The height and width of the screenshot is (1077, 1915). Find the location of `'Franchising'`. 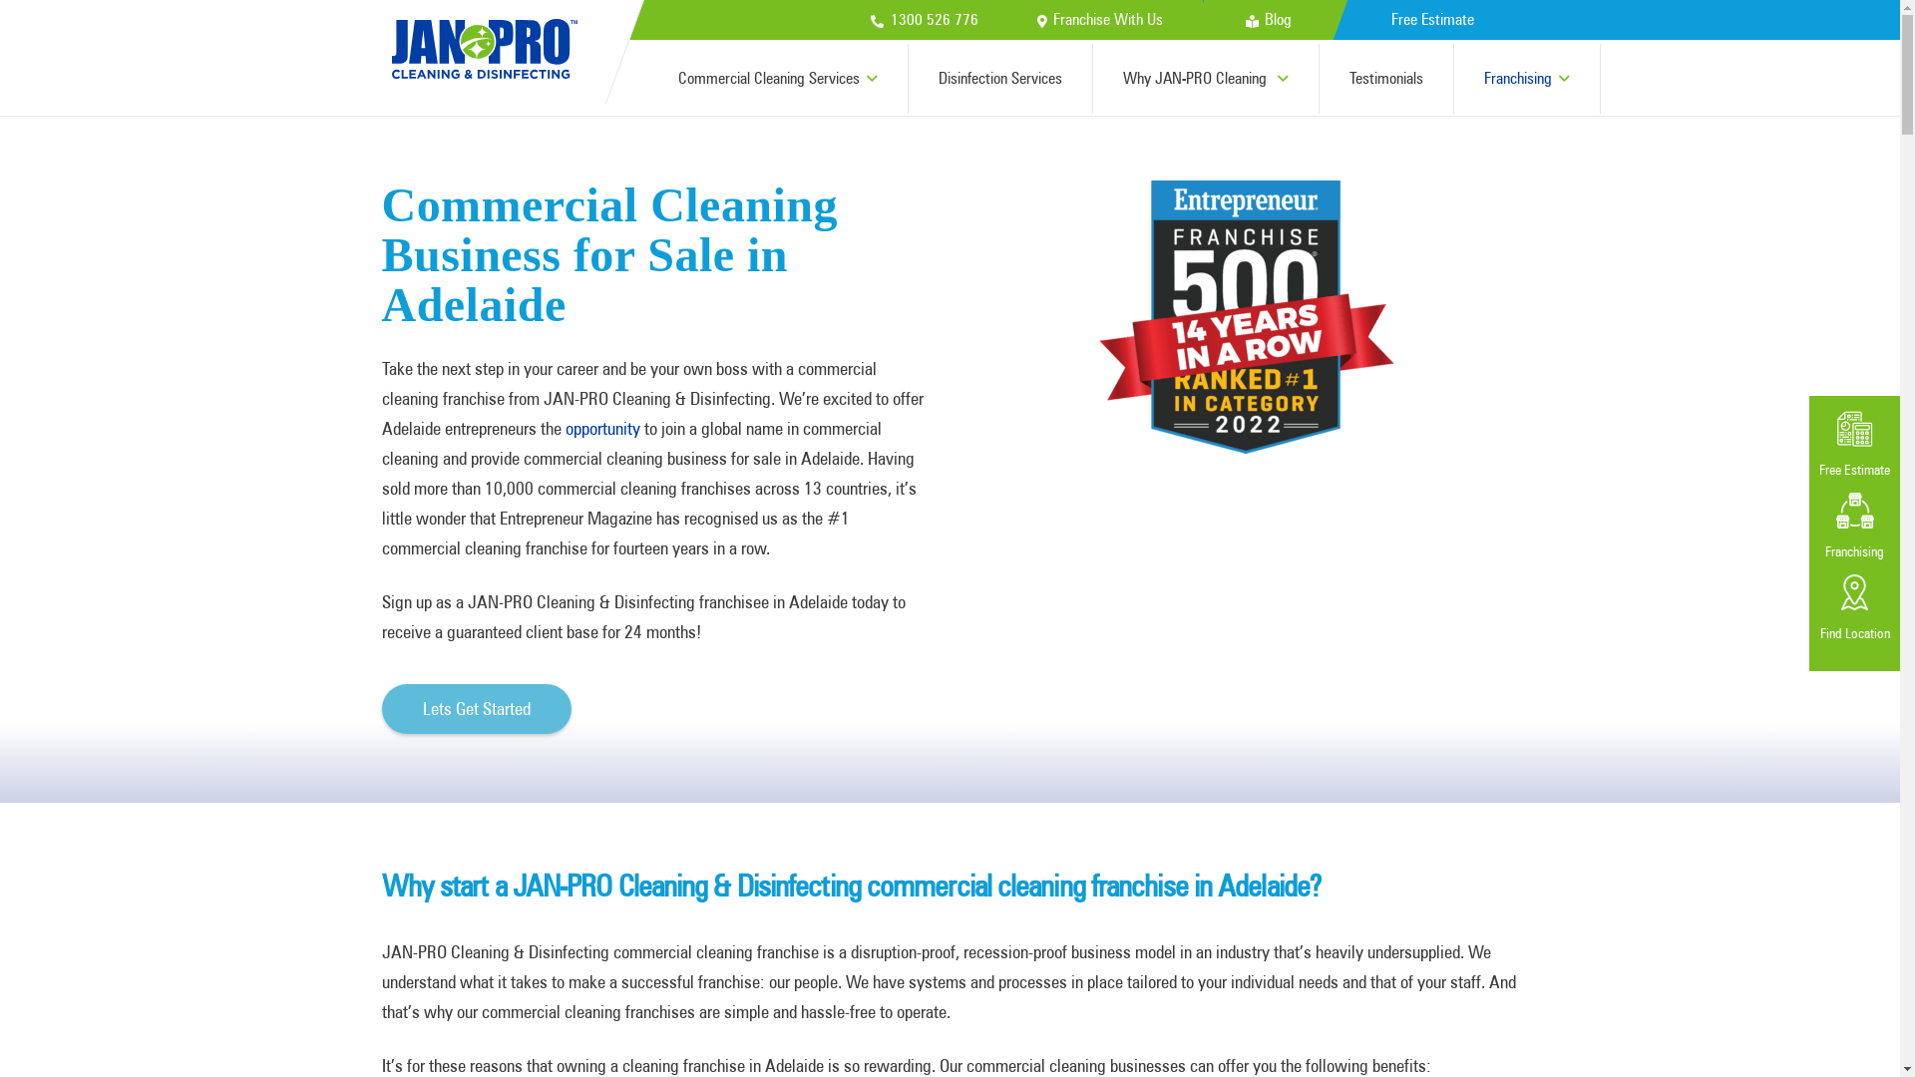

'Franchising' is located at coordinates (1526, 77).